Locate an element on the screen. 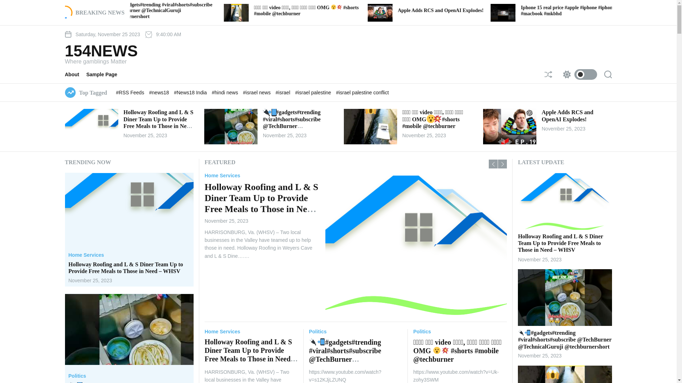 The width and height of the screenshot is (682, 383). '#RSS Feeds' is located at coordinates (131, 92).